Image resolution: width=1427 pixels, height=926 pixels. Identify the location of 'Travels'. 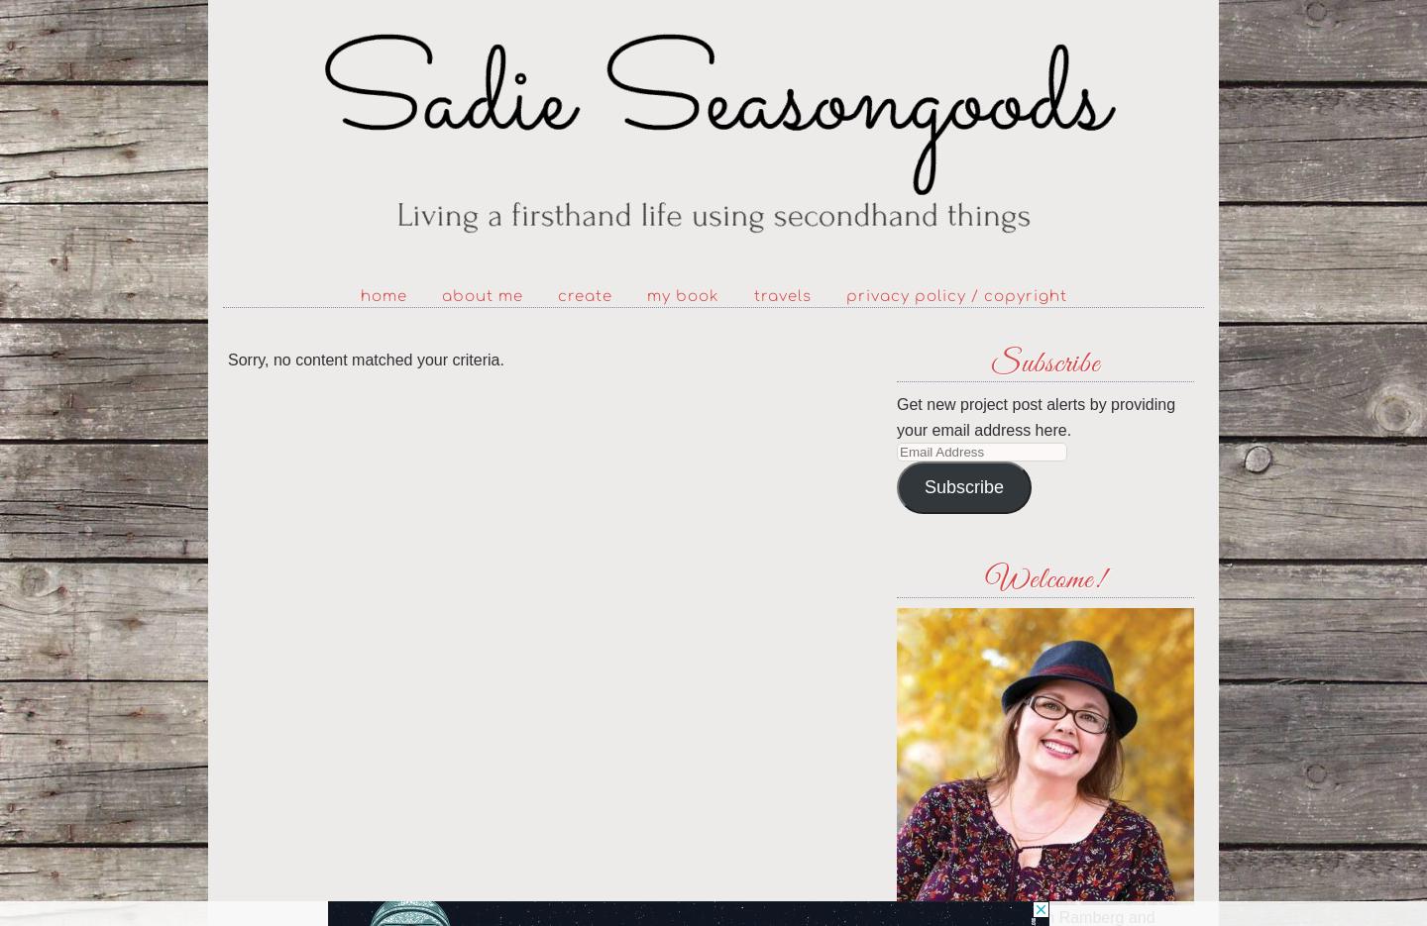
(752, 296).